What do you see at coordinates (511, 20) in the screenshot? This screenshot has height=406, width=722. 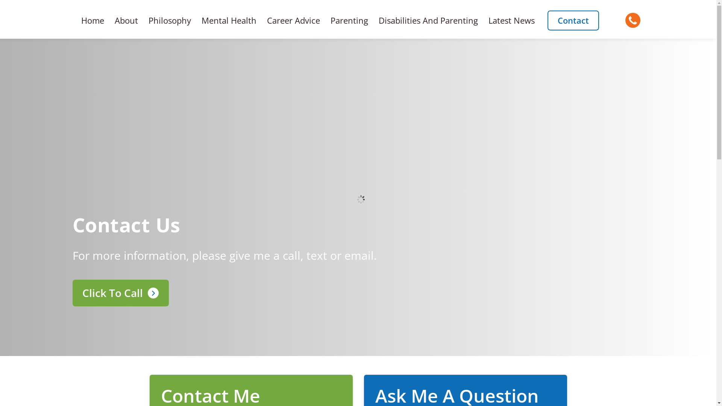 I see `'Latest News'` at bounding box center [511, 20].